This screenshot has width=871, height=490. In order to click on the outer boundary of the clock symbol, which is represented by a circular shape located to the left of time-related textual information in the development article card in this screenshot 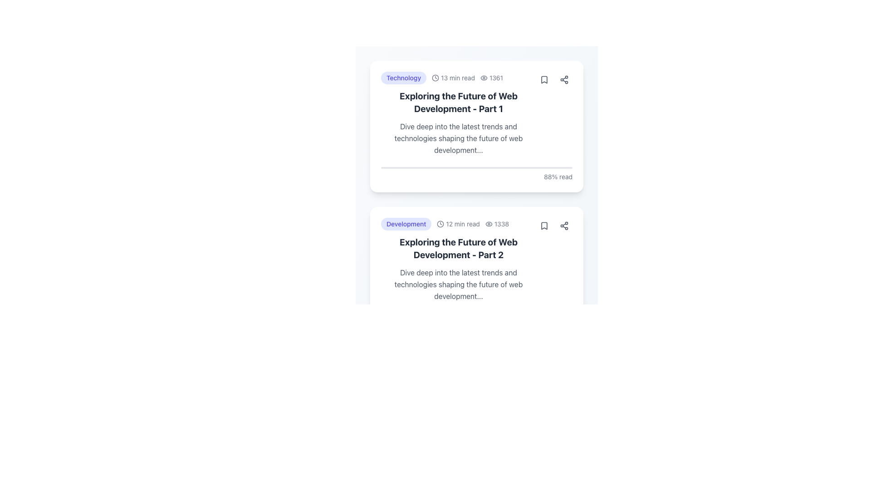, I will do `click(440, 224)`.